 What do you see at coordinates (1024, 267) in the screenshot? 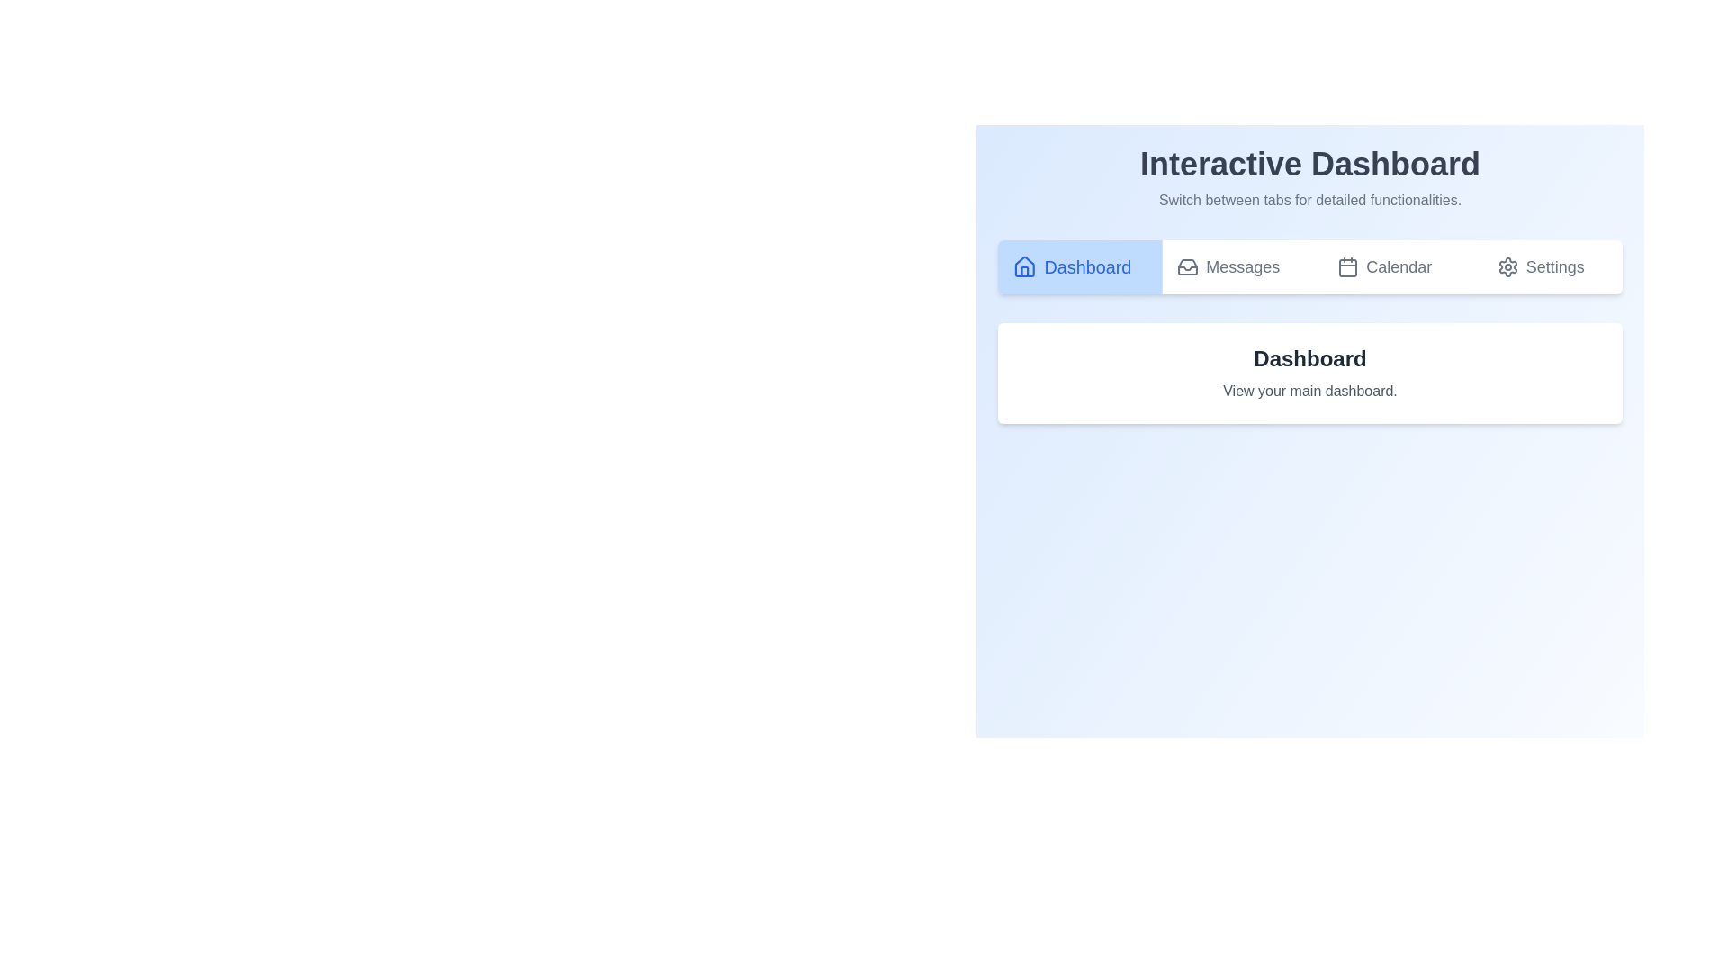
I see `the home-shaped icon representing the 'Dashboard' button located in the top navigation bar` at bounding box center [1024, 267].